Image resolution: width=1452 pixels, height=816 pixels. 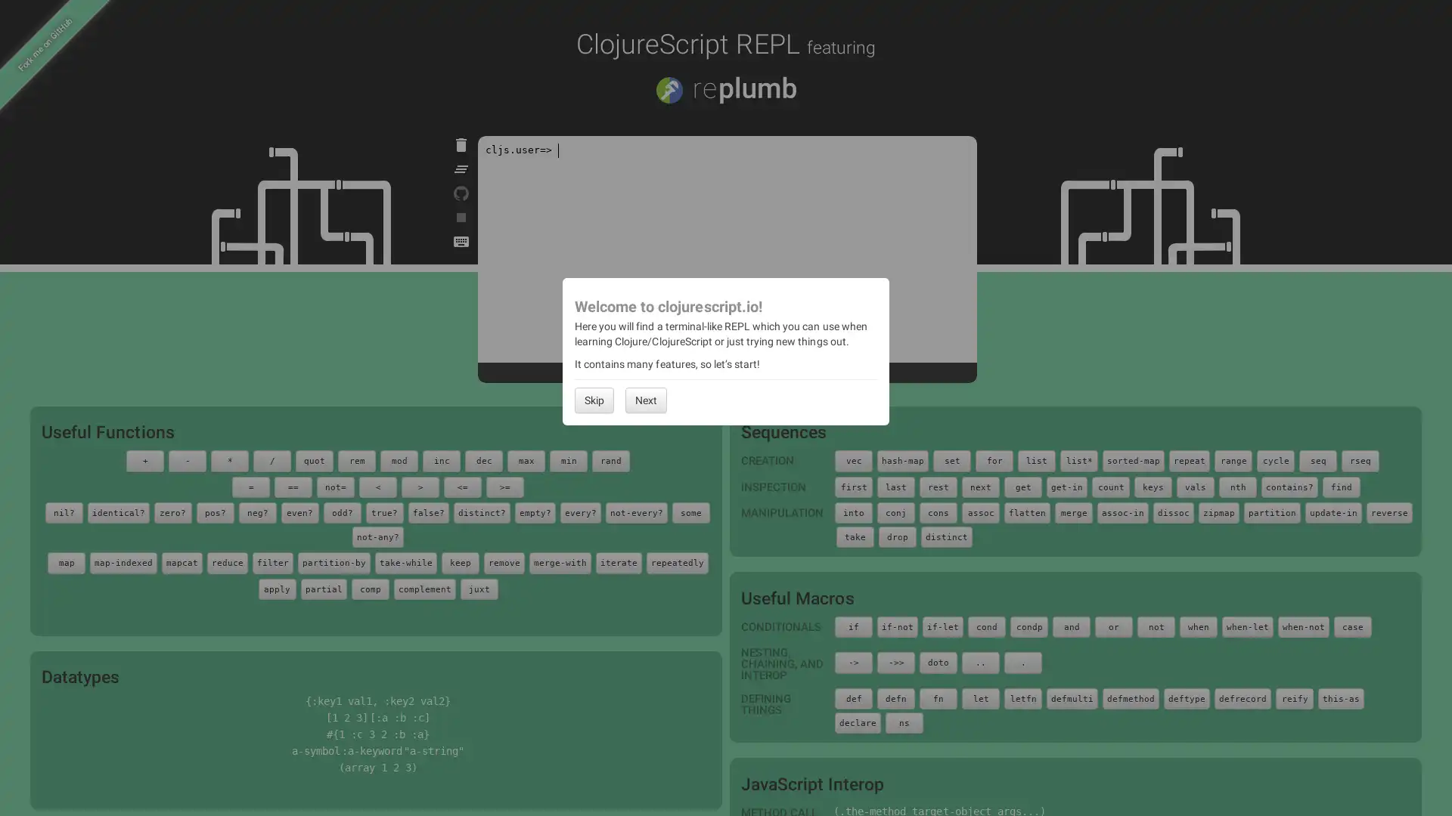 What do you see at coordinates (355, 459) in the screenshot?
I see `rem` at bounding box center [355, 459].